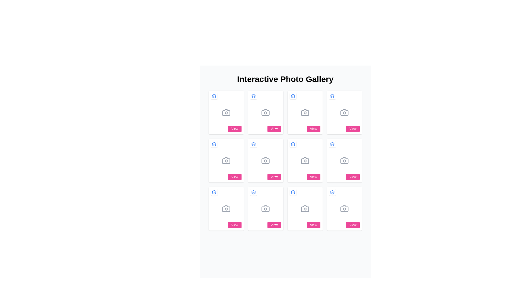 The image size is (524, 295). Describe the element at coordinates (293, 144) in the screenshot. I see `the blue stacked layers icon located at the top-left corner of the card layout` at that location.